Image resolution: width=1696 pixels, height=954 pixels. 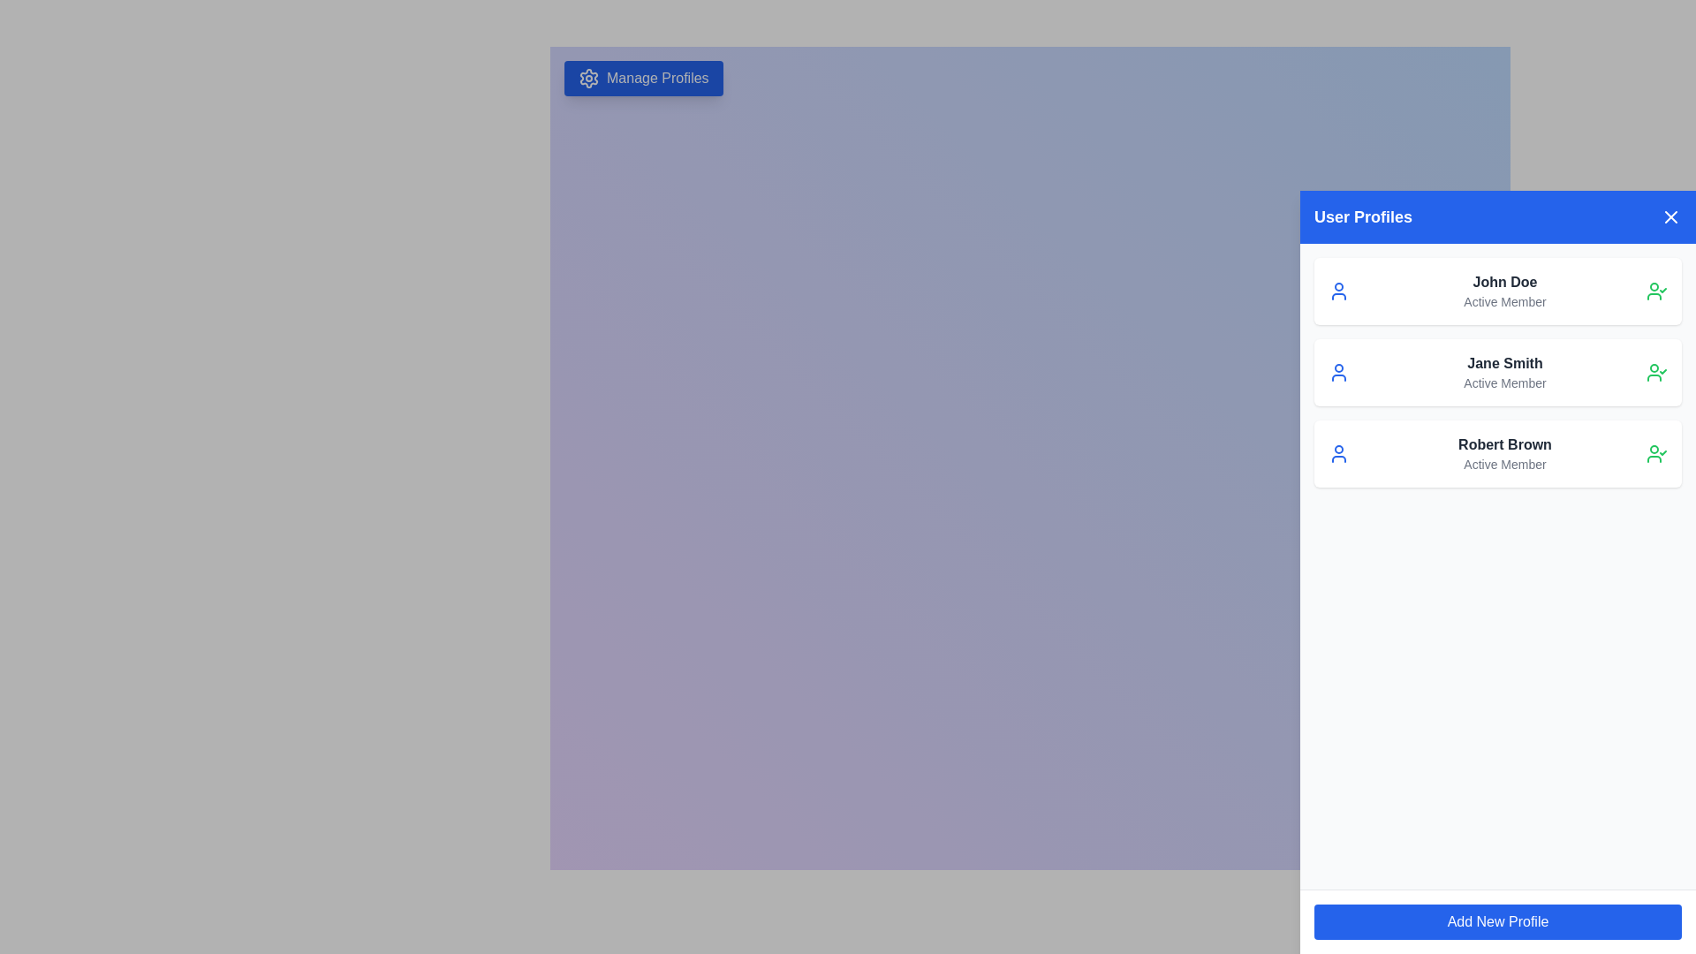 I want to click on the 'Active Member' text label that appears beneath 'Jane Smith' in the 'User Profiles' section, so click(x=1504, y=382).